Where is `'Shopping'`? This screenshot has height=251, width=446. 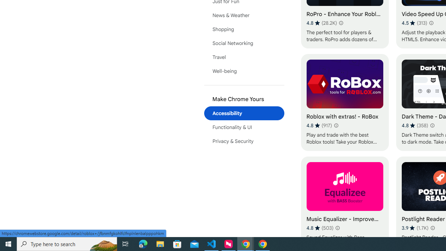 'Shopping' is located at coordinates (244, 29).